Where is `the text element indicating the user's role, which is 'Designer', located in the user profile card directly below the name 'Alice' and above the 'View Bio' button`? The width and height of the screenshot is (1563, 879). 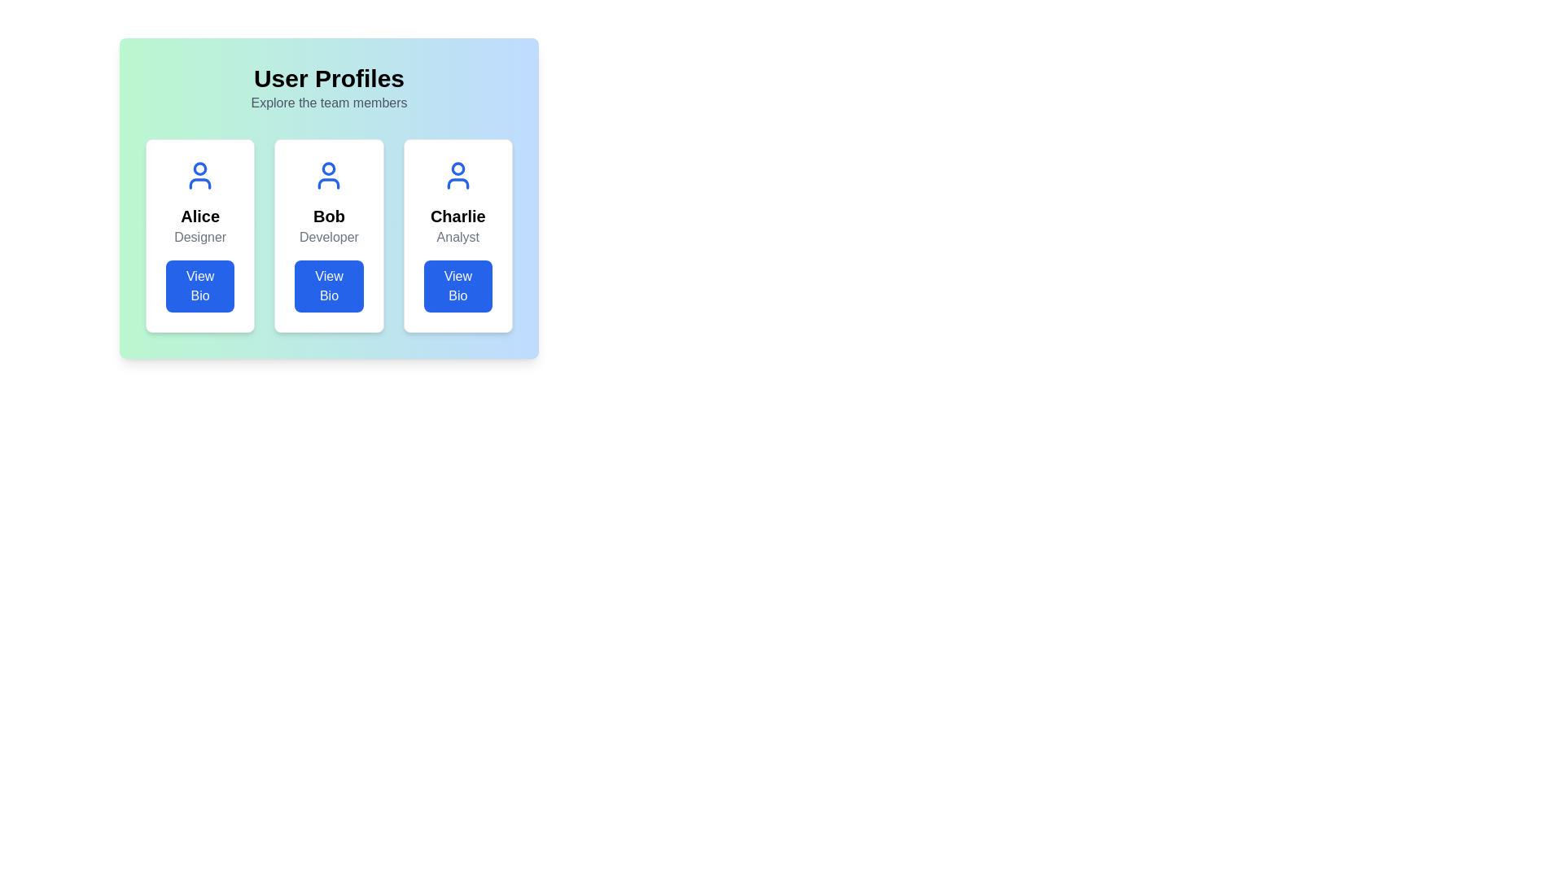 the text element indicating the user's role, which is 'Designer', located in the user profile card directly below the name 'Alice' and above the 'View Bio' button is located at coordinates (199, 238).